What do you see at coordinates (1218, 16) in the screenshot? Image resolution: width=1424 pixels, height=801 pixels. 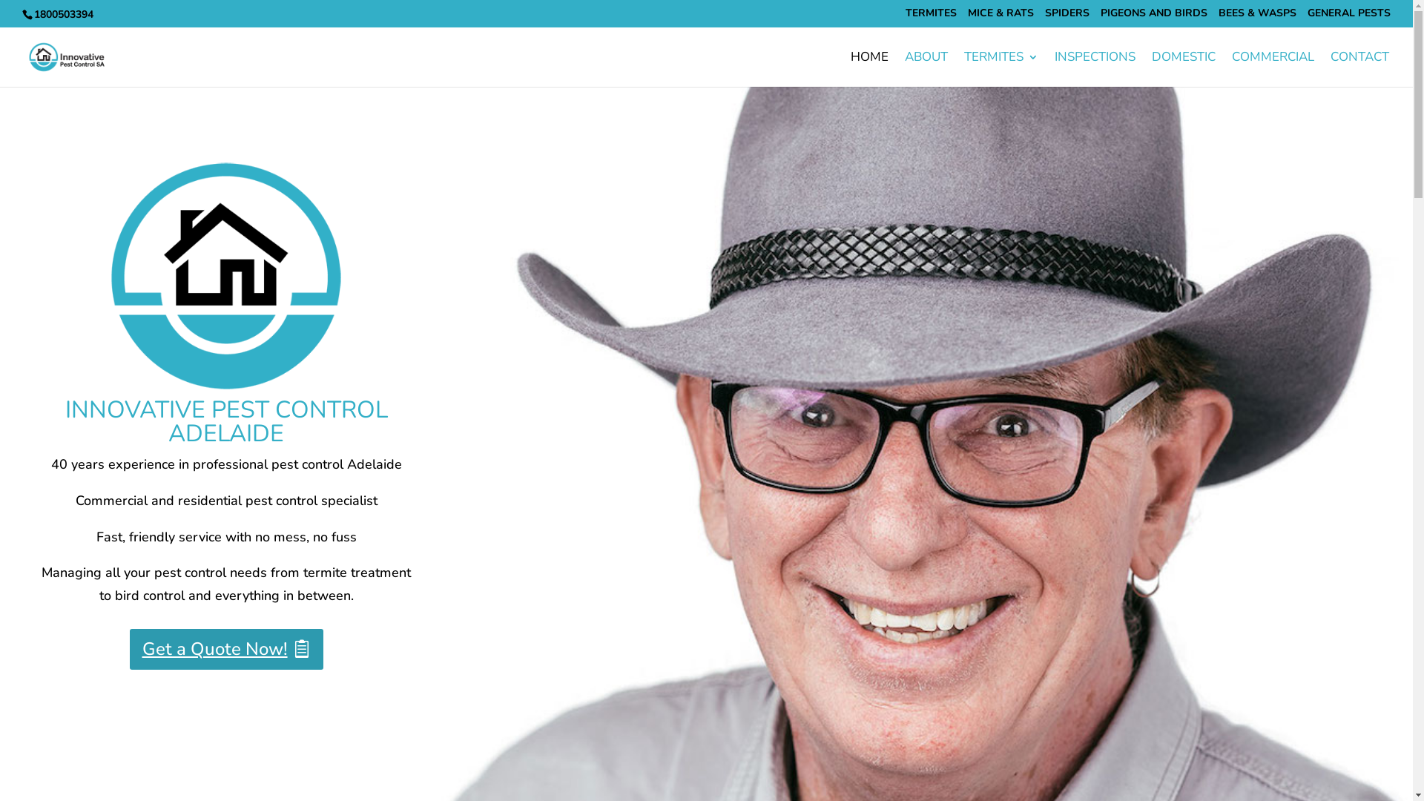 I see `'BEES & WASPS'` at bounding box center [1218, 16].